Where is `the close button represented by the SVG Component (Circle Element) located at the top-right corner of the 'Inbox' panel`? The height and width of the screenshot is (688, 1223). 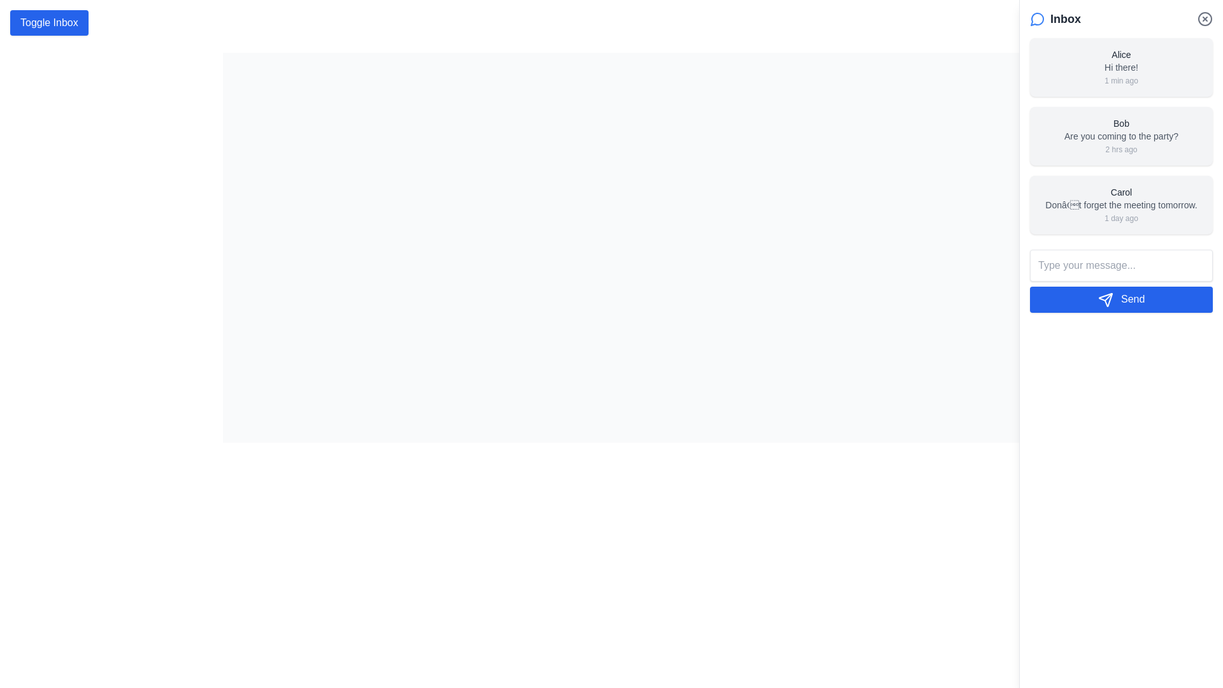 the close button represented by the SVG Component (Circle Element) located at the top-right corner of the 'Inbox' panel is located at coordinates (1204, 19).